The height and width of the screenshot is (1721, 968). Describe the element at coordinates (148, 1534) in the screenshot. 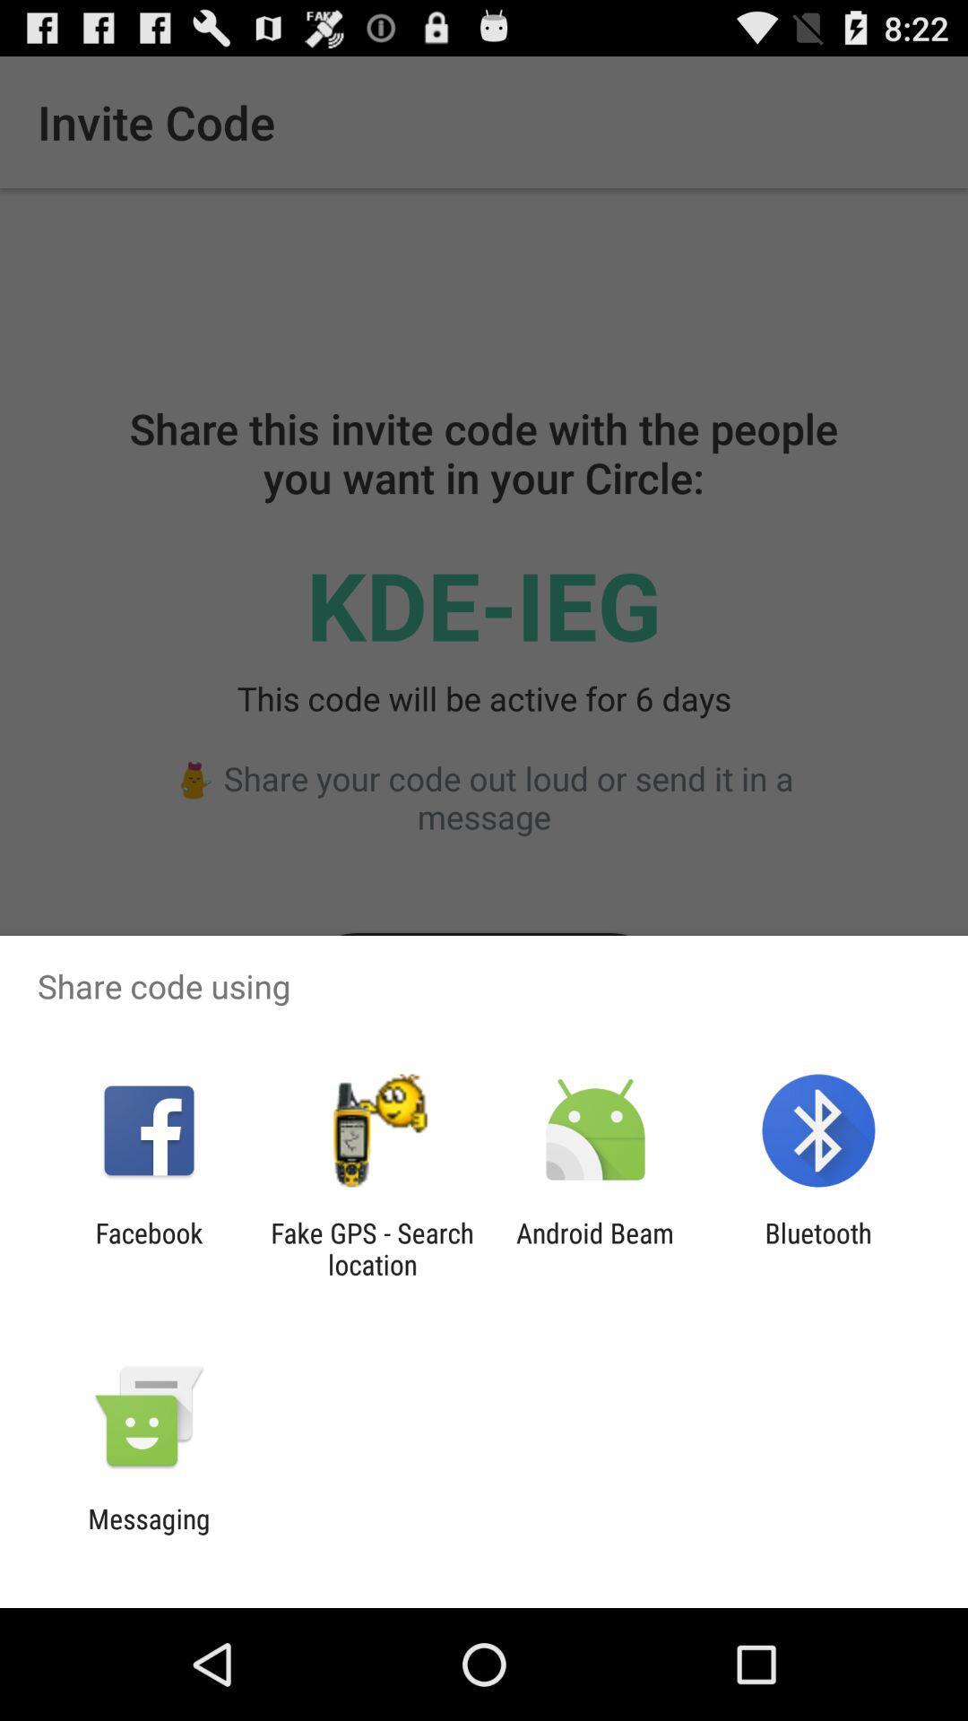

I see `messaging item` at that location.